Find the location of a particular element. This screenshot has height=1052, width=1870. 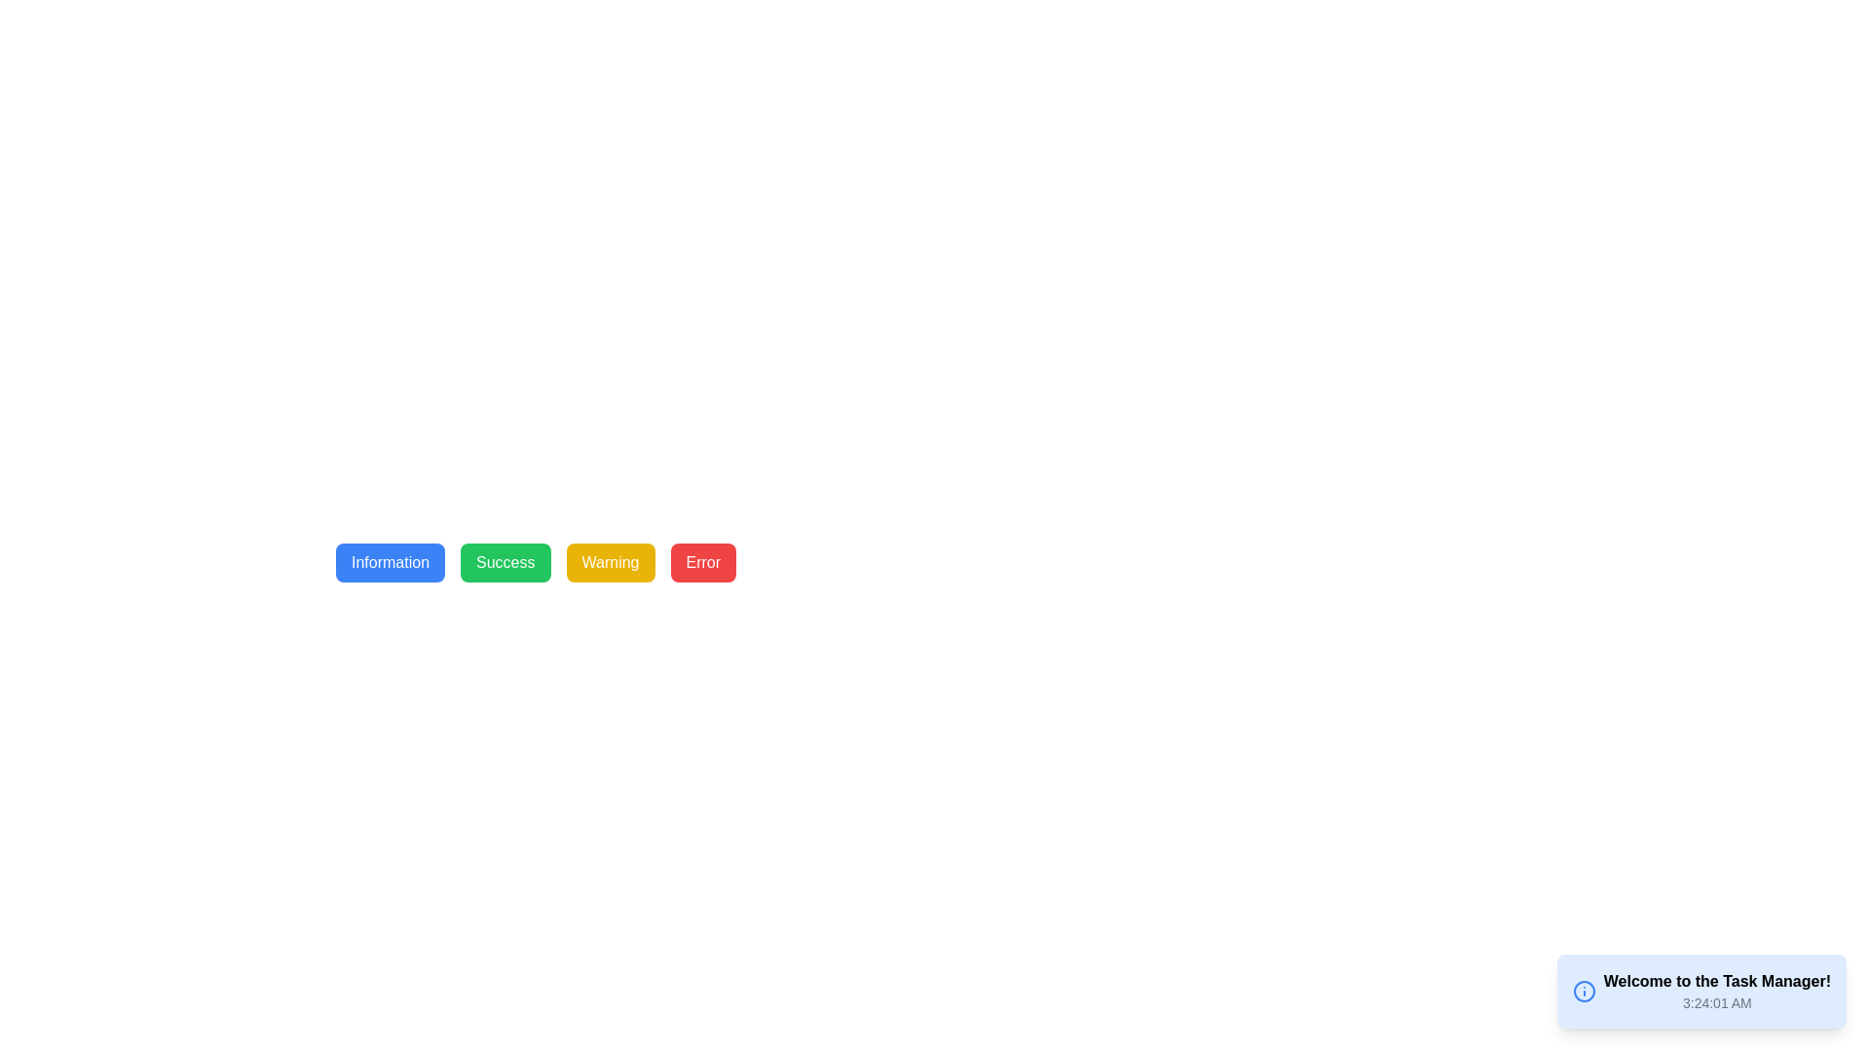

the prominently displayed text title 'Welcome to the Task Manager!' to use it as a reference for task management context is located at coordinates (1717, 981).